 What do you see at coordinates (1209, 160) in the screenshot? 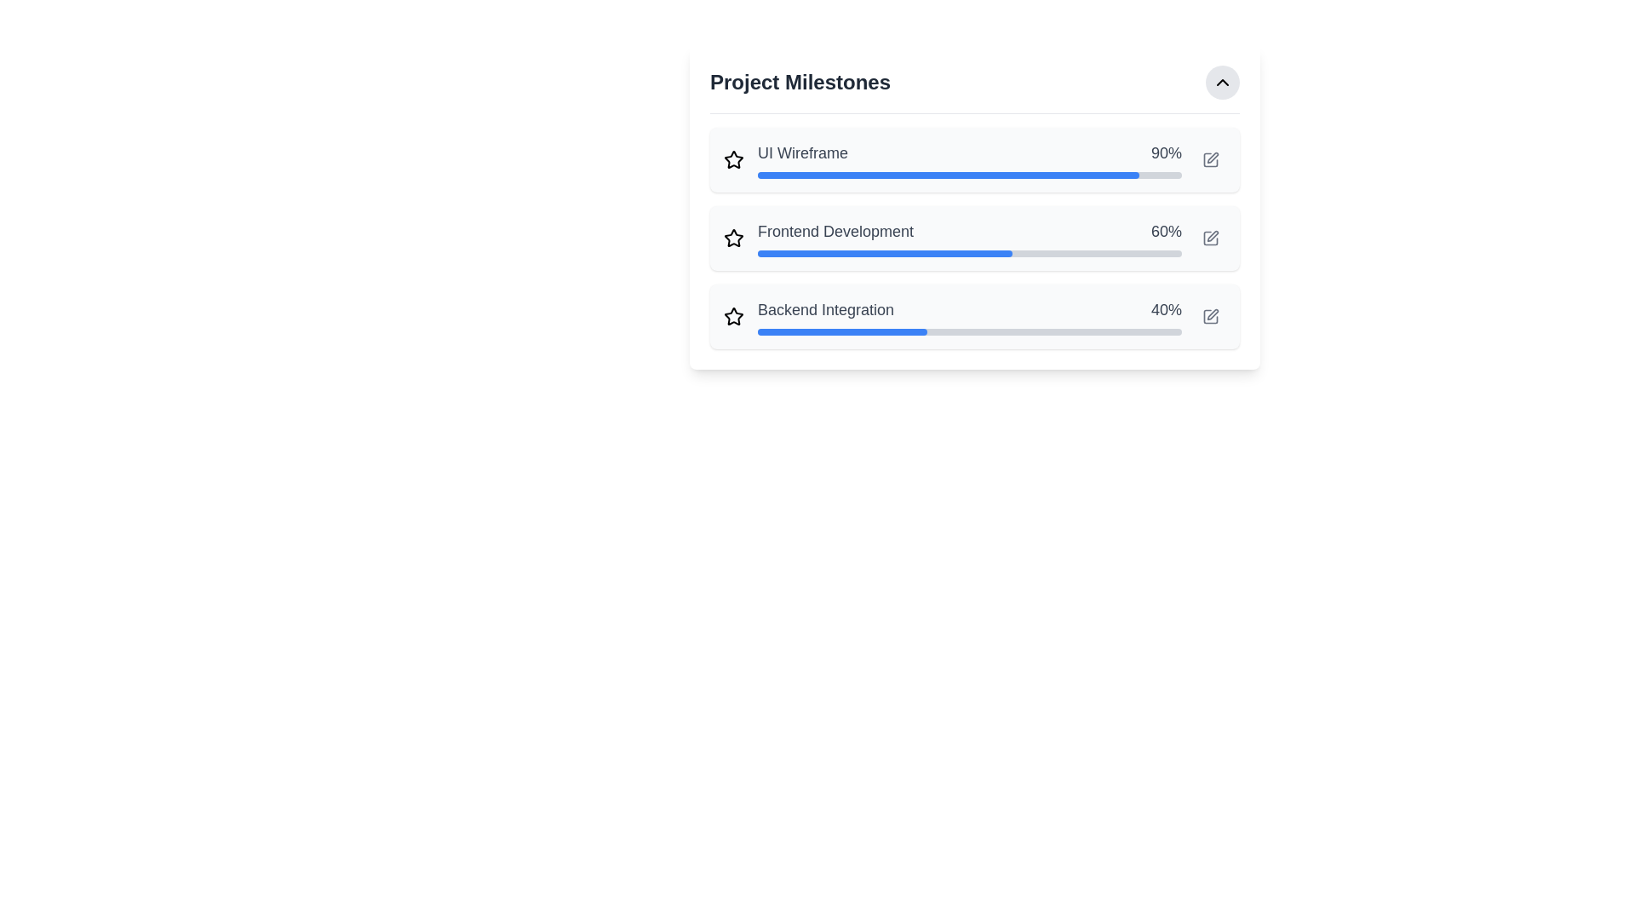
I see `the edit button located in the top-right corner of the 'UI Wireframe' section to change its color` at bounding box center [1209, 160].